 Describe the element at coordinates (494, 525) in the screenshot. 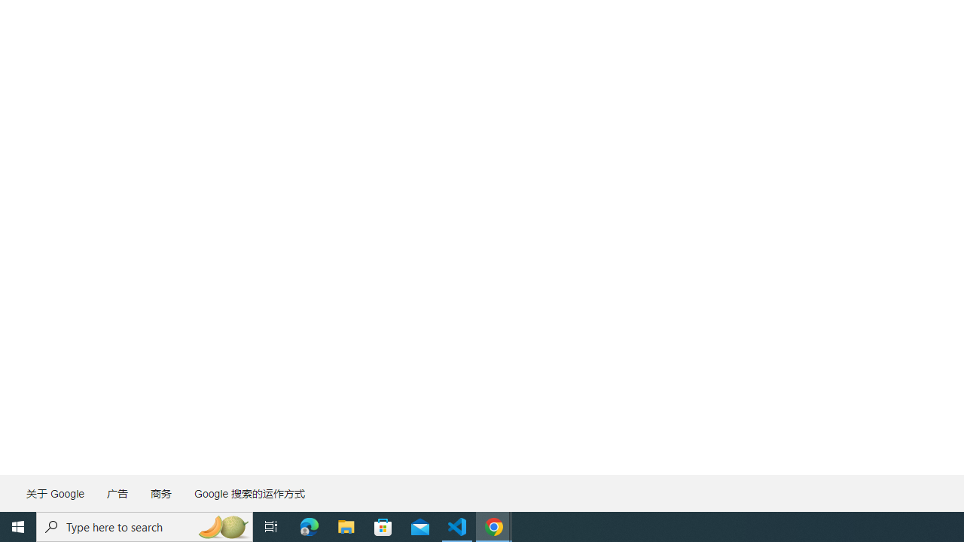

I see `'Google Chrome - 2 running windows'` at that location.